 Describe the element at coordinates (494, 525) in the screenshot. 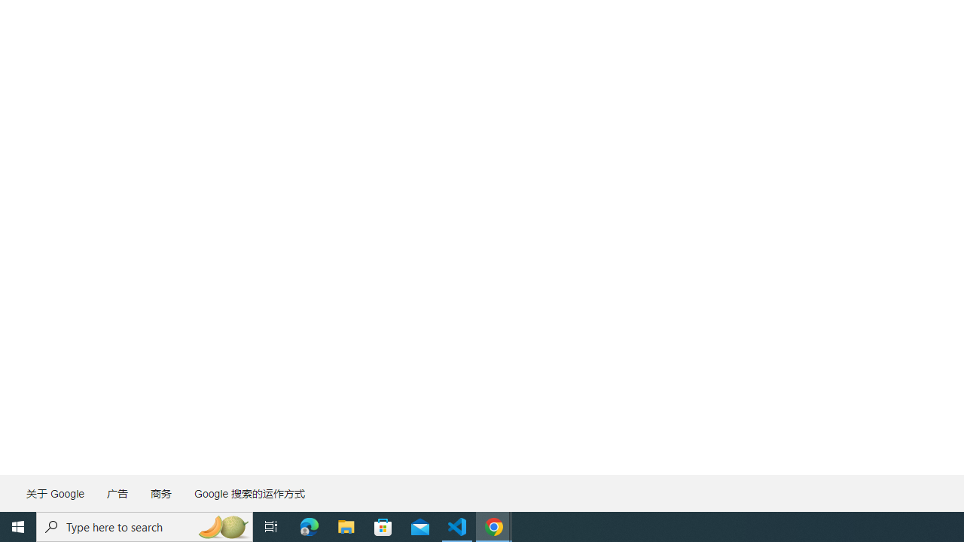

I see `'Google Chrome - 2 running windows'` at that location.